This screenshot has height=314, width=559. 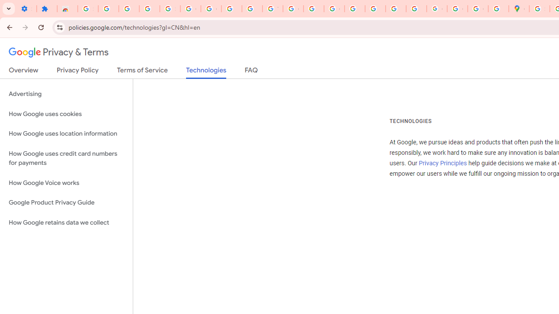 What do you see at coordinates (190, 9) in the screenshot?
I see `'Google Account Help'` at bounding box center [190, 9].